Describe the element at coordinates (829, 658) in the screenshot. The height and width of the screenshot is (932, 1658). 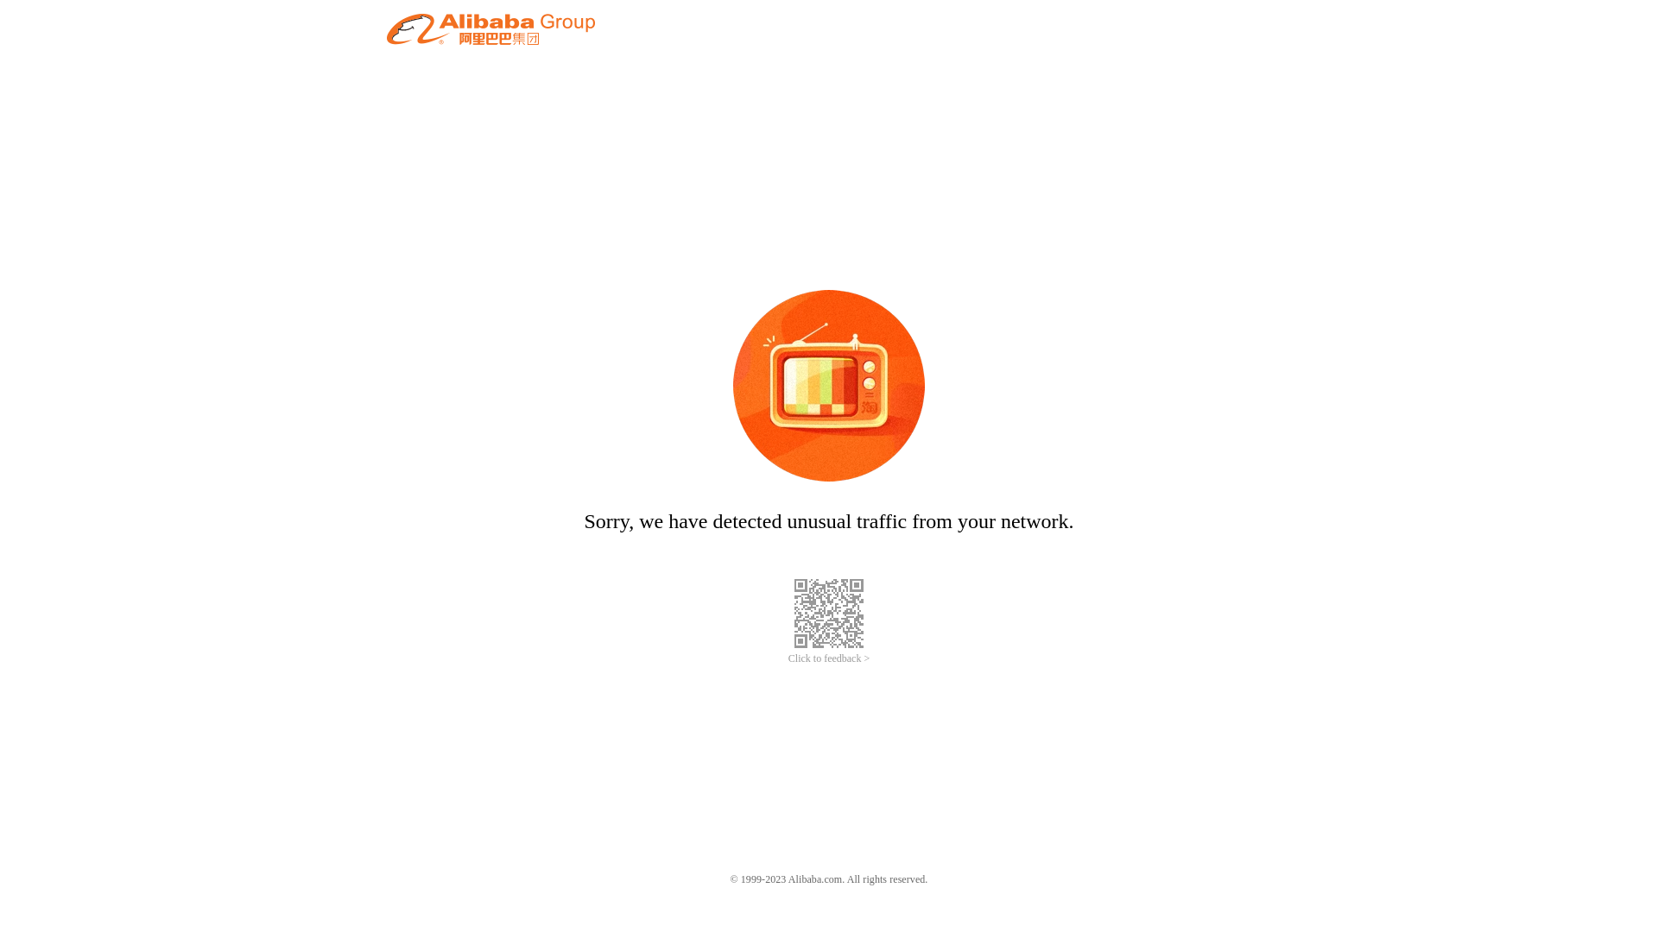
I see `'Click to feedback >'` at that location.